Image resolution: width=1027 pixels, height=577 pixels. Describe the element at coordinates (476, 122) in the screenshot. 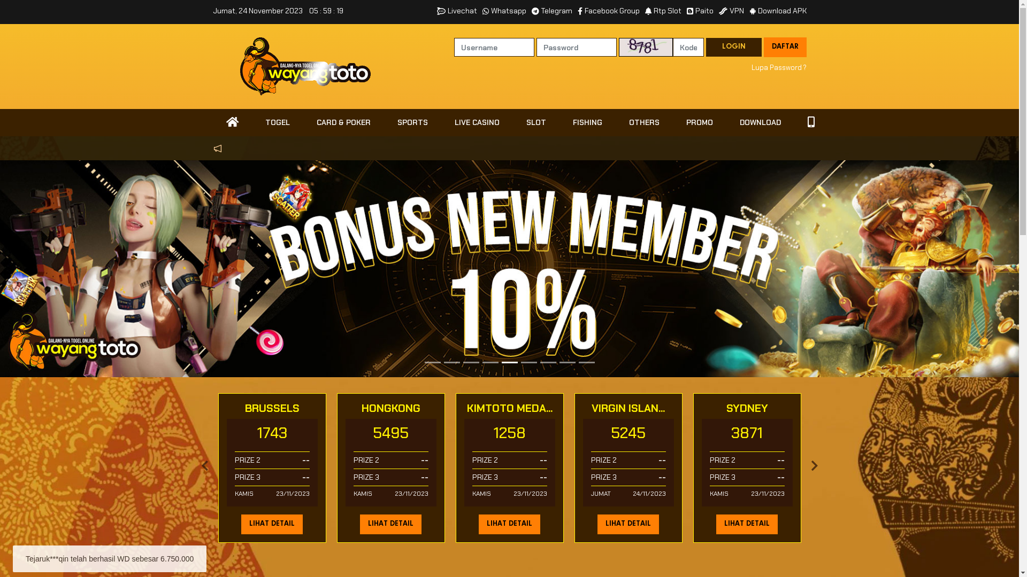

I see `'LIVE CASINO'` at that location.